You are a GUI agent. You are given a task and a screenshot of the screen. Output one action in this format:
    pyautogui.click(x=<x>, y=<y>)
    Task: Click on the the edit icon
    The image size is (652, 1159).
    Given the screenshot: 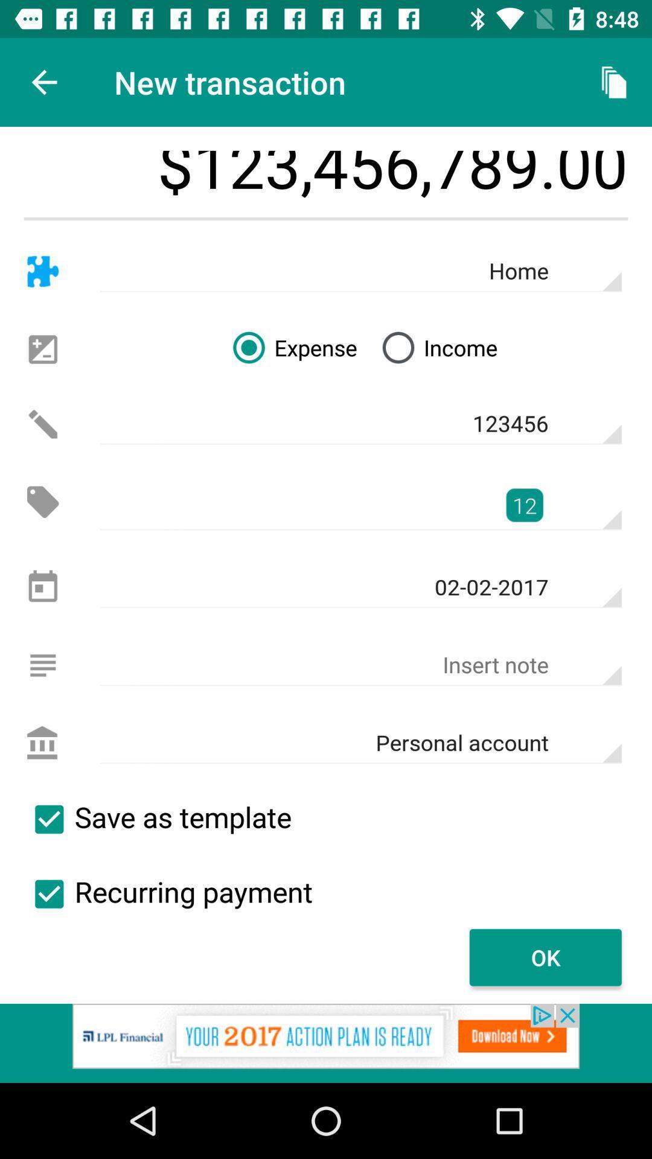 What is the action you would take?
    pyautogui.click(x=42, y=424)
    